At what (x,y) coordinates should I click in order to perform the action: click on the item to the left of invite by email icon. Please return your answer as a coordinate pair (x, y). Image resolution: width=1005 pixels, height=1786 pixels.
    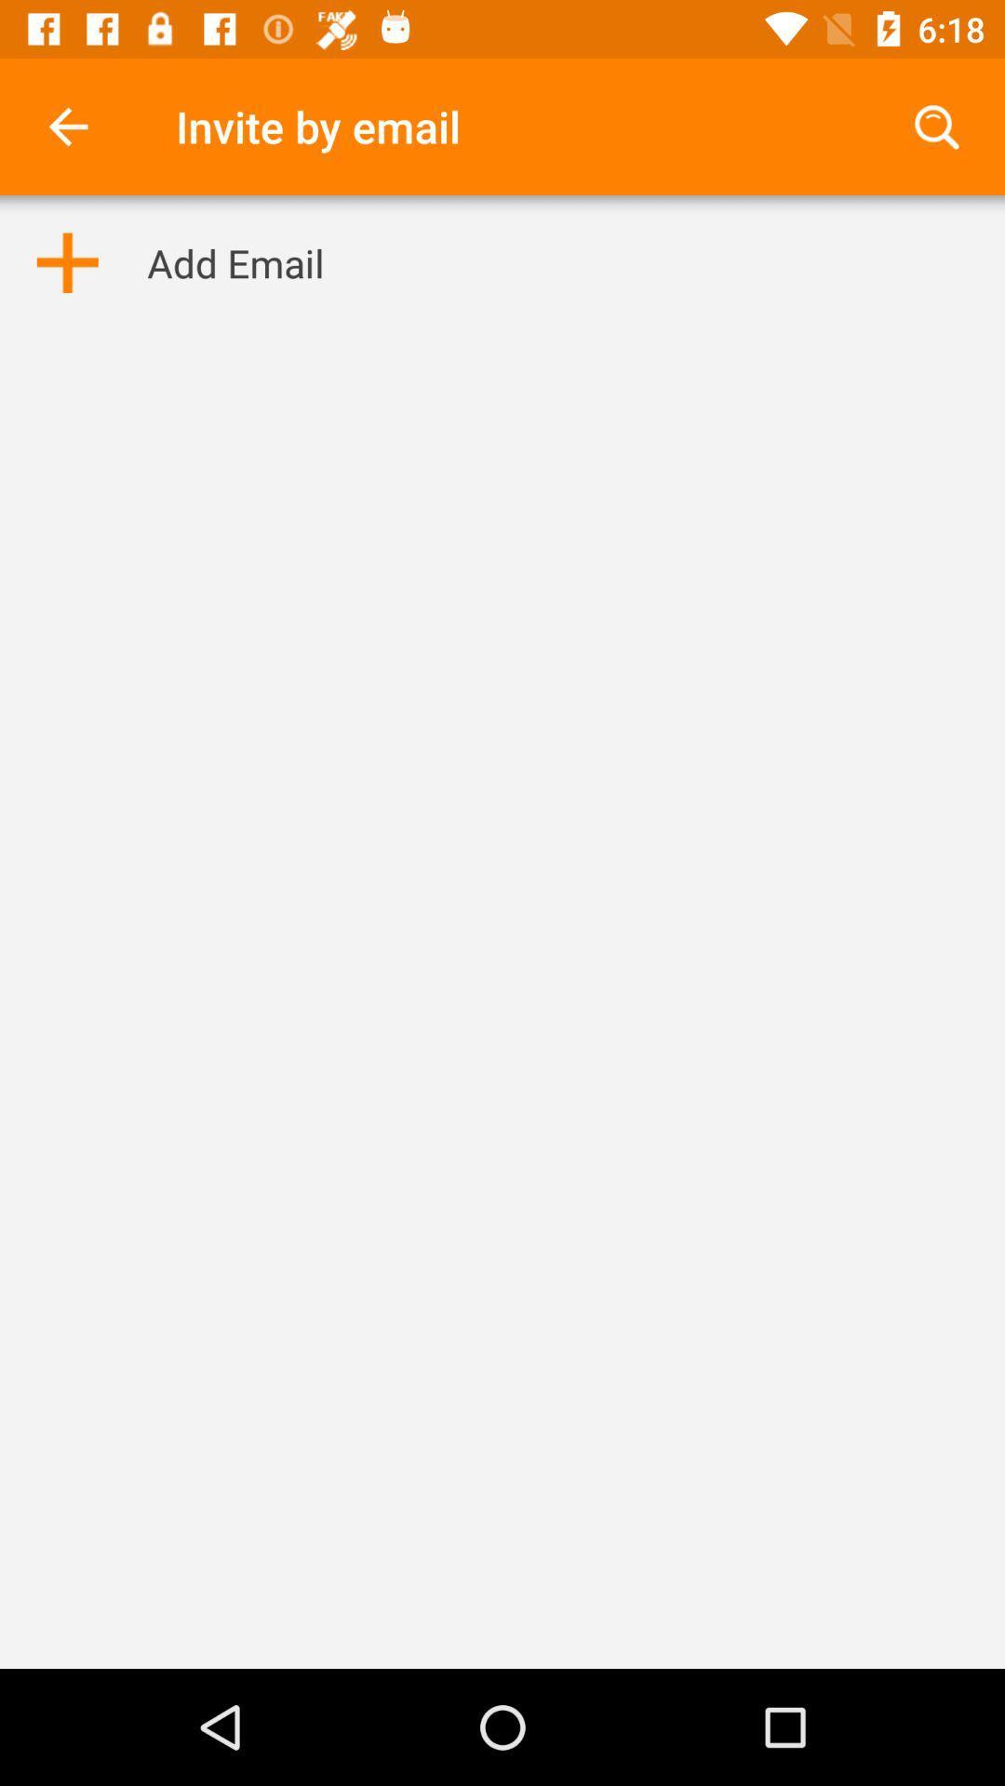
    Looking at the image, I should click on (67, 126).